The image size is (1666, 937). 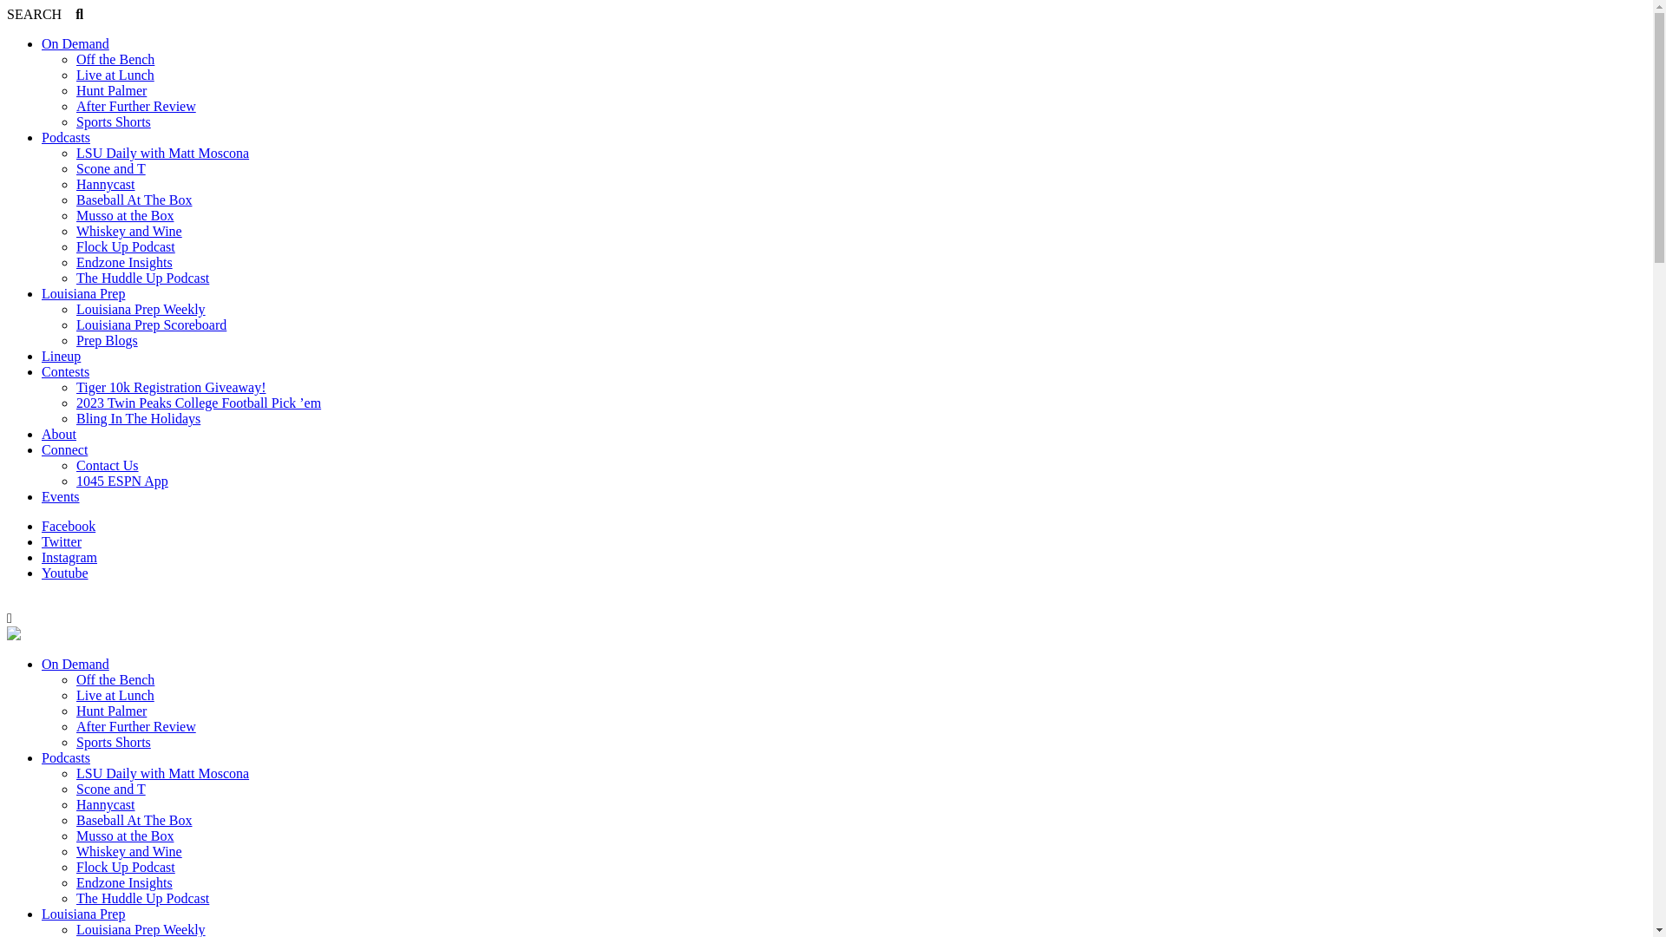 I want to click on 'Whiskey and Wine', so click(x=75, y=850).